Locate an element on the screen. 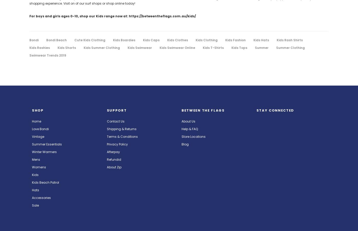  'Kids Beach Patrol' is located at coordinates (45, 182).